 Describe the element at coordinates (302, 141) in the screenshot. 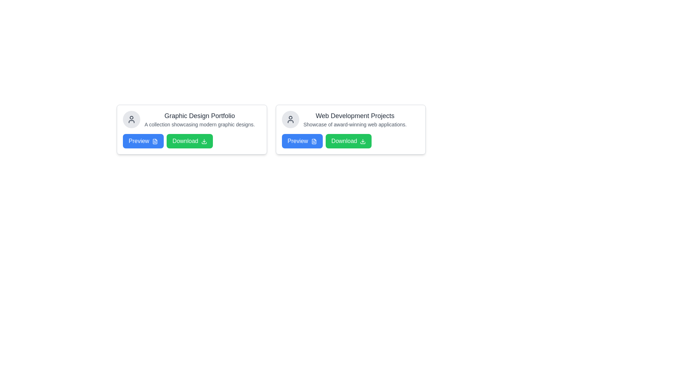

I see `the preview button located to the left of the green 'Download' button in the 'Web Development Projects' section to observe the hover effect` at that location.